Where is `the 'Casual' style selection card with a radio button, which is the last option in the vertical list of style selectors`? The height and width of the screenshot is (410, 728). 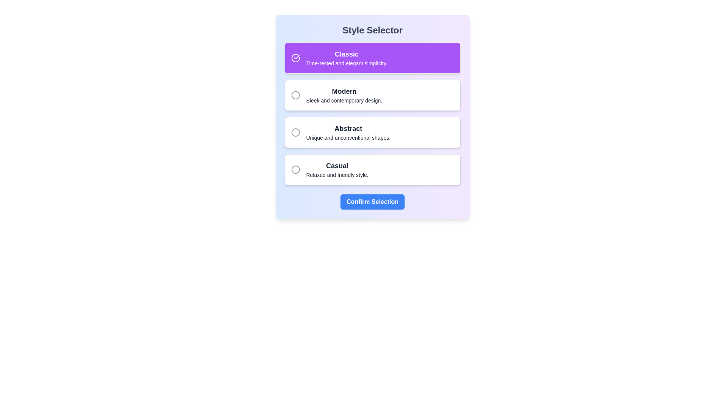 the 'Casual' style selection card with a radio button, which is the last option in the vertical list of style selectors is located at coordinates (372, 169).